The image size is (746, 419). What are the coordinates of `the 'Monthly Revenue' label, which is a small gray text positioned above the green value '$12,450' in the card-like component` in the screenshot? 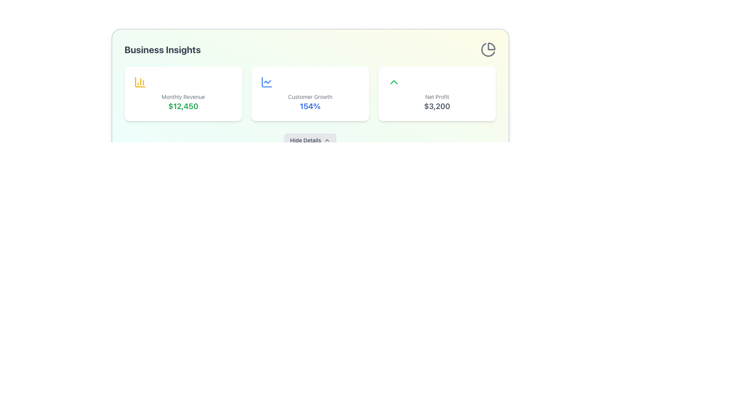 It's located at (183, 97).